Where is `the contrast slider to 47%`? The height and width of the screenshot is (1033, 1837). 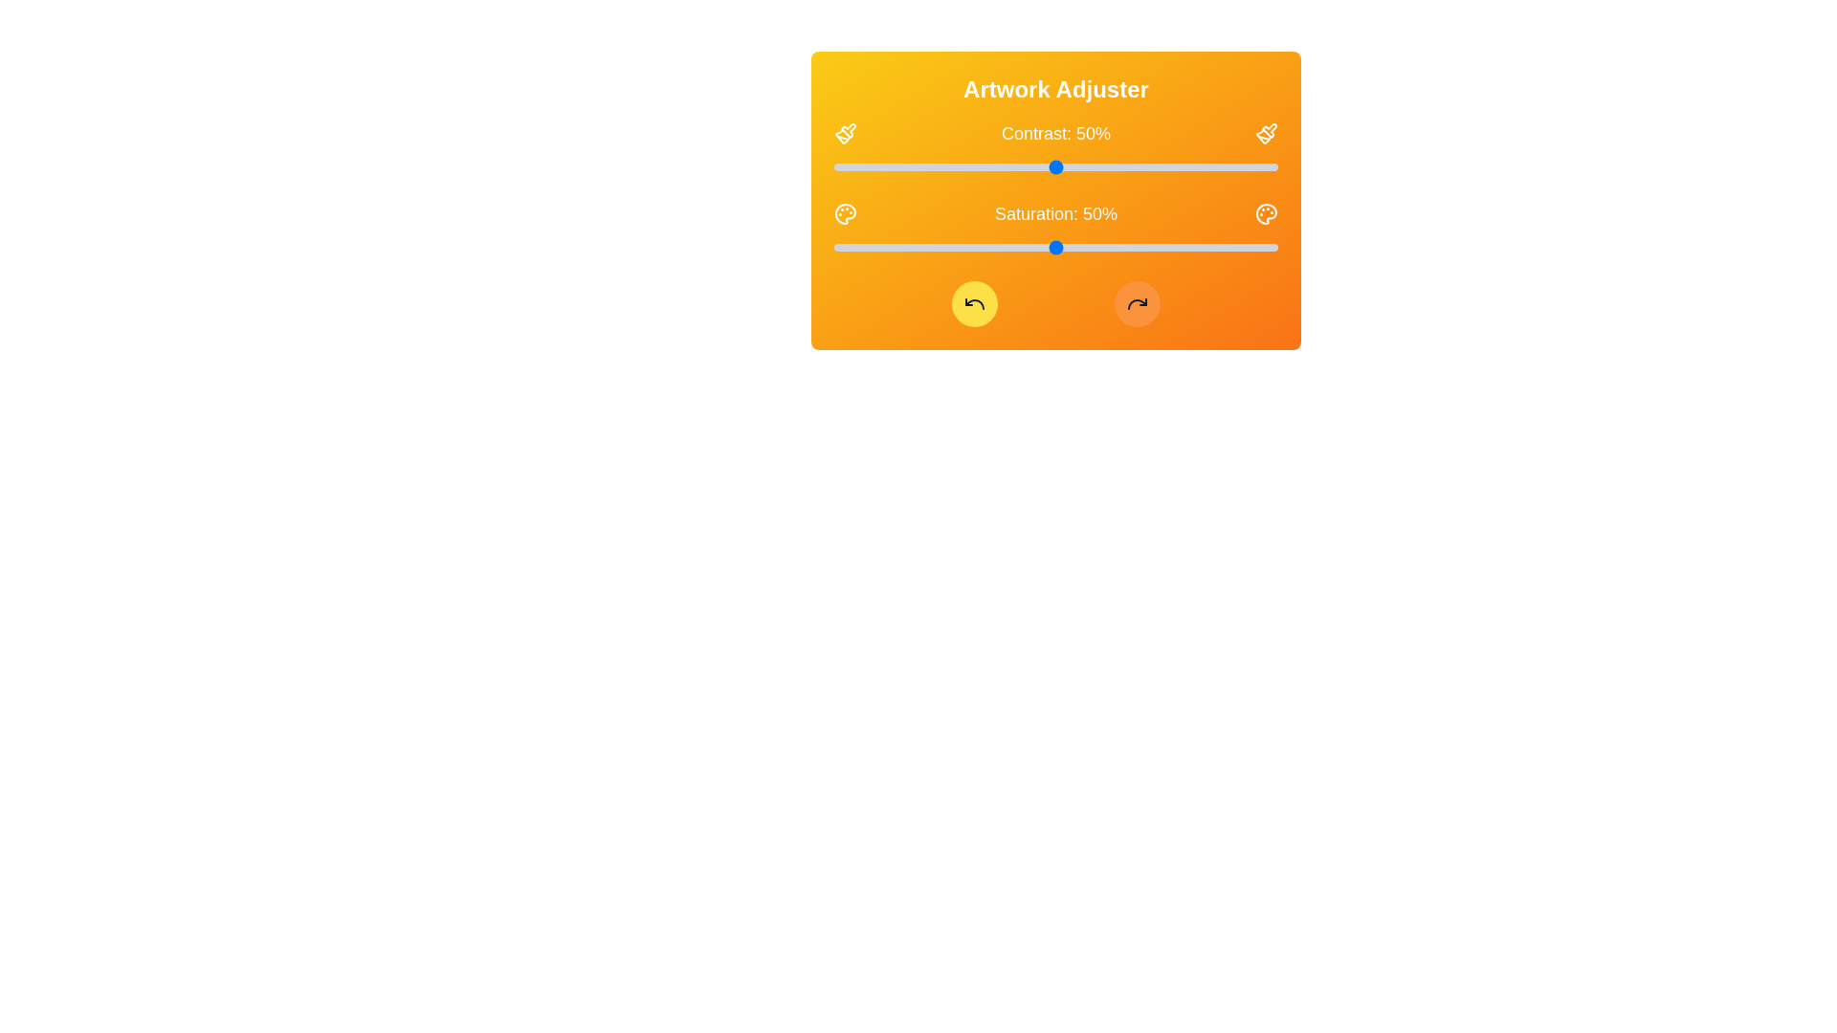 the contrast slider to 47% is located at coordinates (1041, 165).